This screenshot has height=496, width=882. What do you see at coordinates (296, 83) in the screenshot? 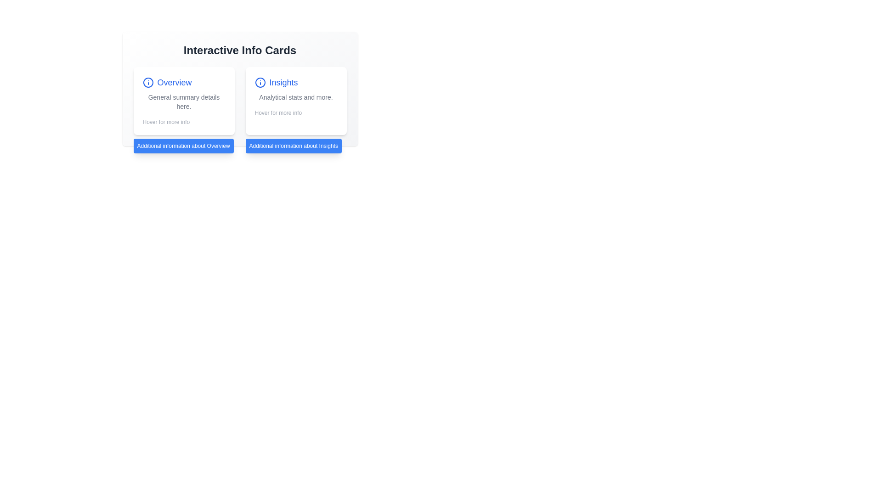
I see `the 'Insights' text label, which is styled in bold blue sans-serif font and located at the top of the second card in the 'Interactive Info Cards' section` at bounding box center [296, 83].